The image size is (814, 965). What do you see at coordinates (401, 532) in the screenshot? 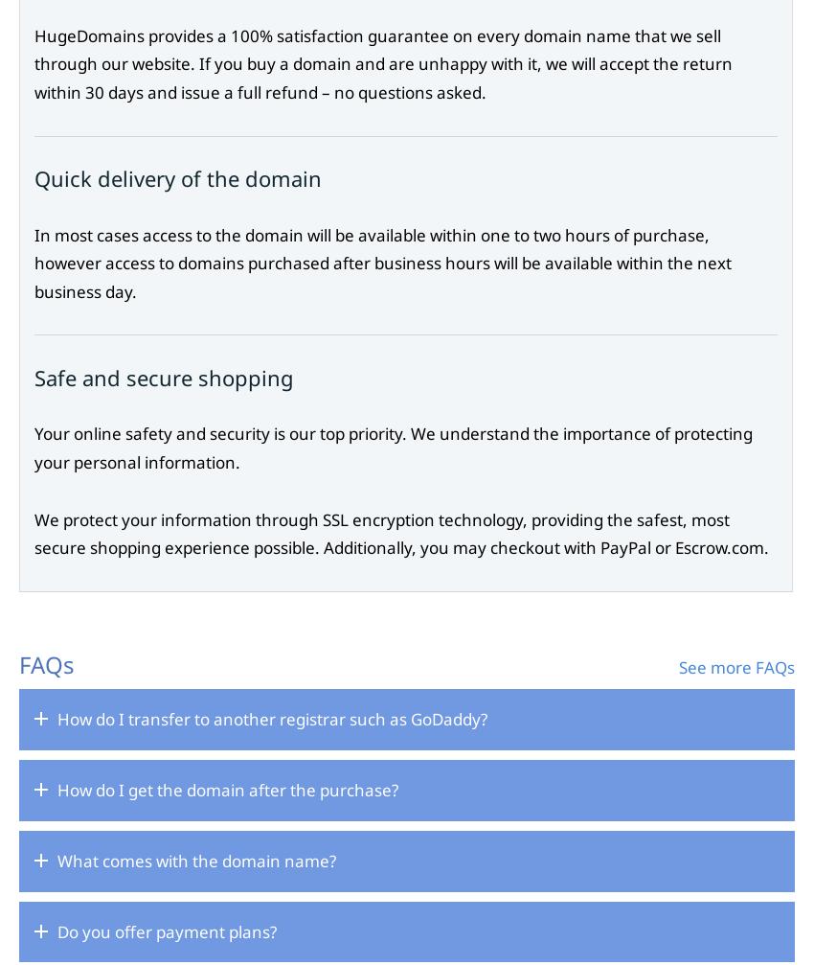
I see `'We protect your information through SSL encryption technology, providing the safest, most secure shopping experience possible. Additionally, you may checkout with PayPal or Escrow.com.'` at bounding box center [401, 532].